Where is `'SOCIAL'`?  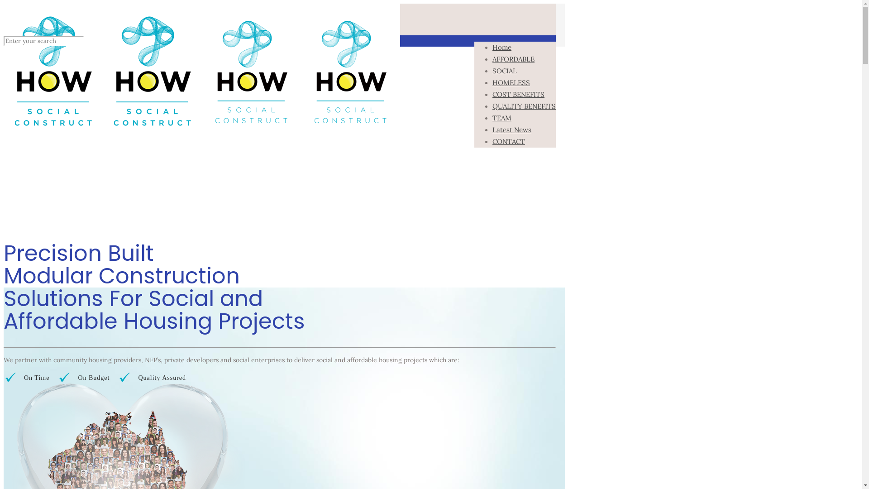
'SOCIAL' is located at coordinates (504, 70).